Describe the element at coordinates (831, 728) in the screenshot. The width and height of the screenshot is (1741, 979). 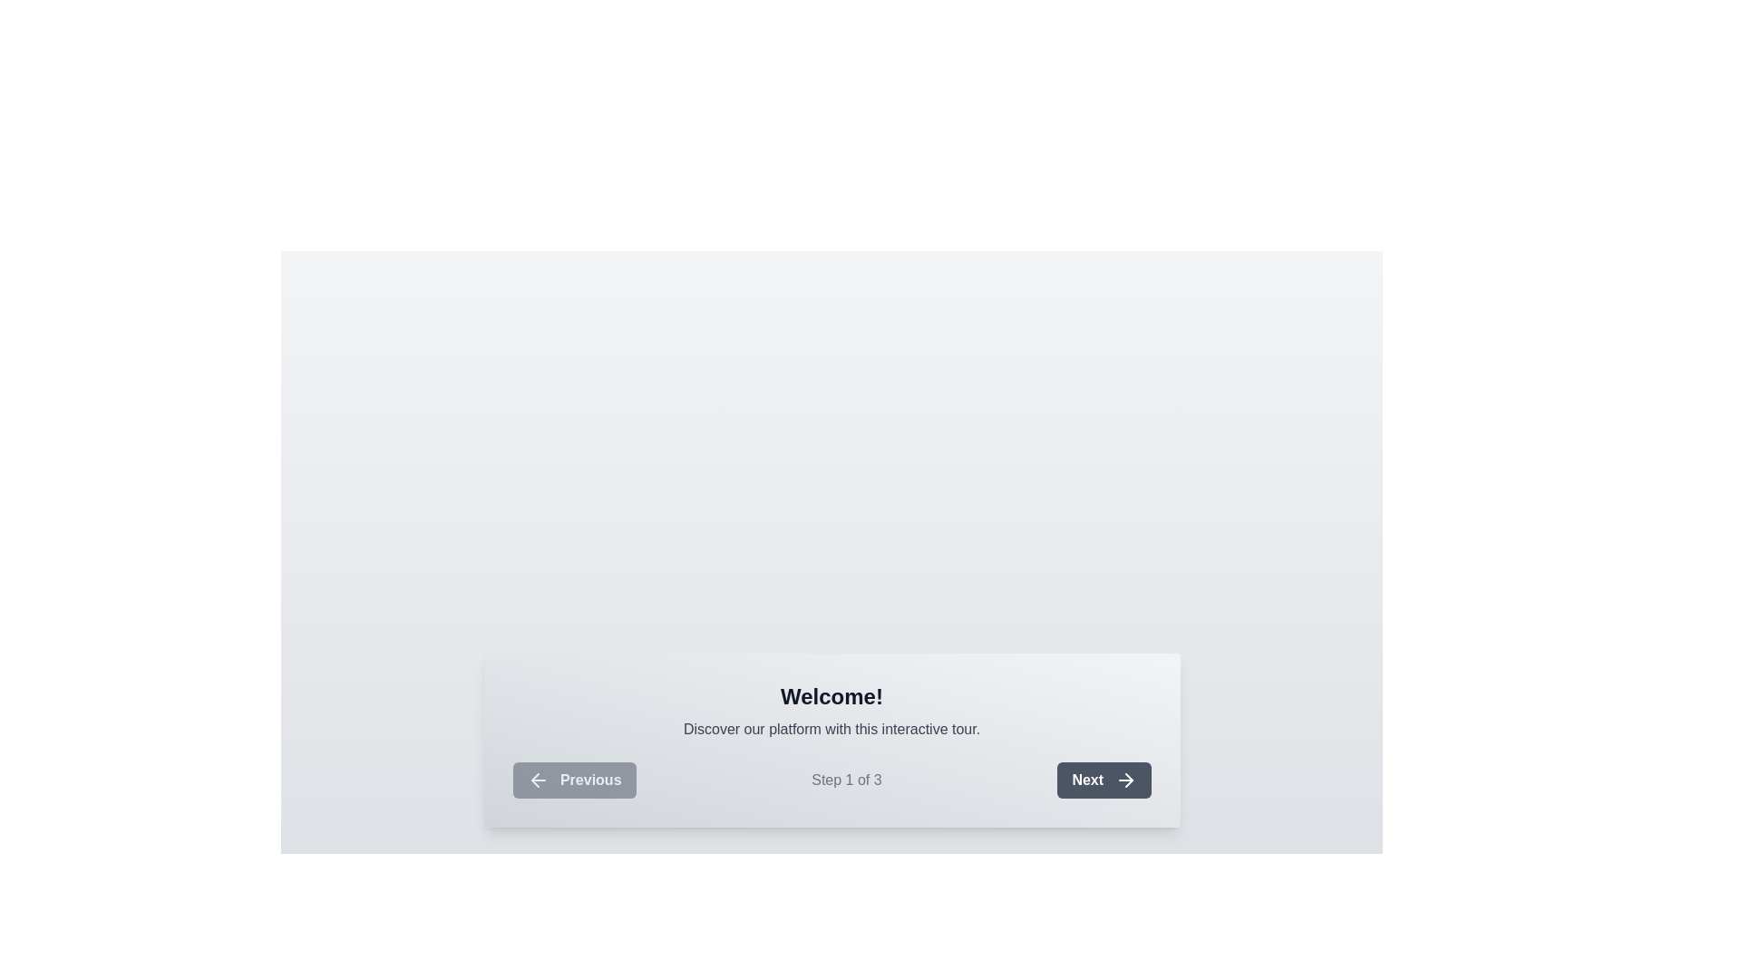
I see `the descriptive message text located directly below the 'Welcome!' text, which provides information about the interactive tour of the platform` at that location.